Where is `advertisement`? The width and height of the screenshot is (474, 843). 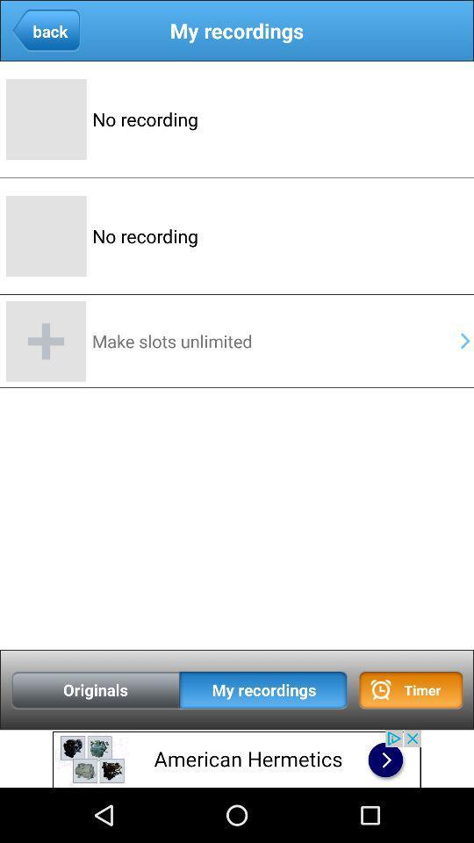
advertisement is located at coordinates (237, 758).